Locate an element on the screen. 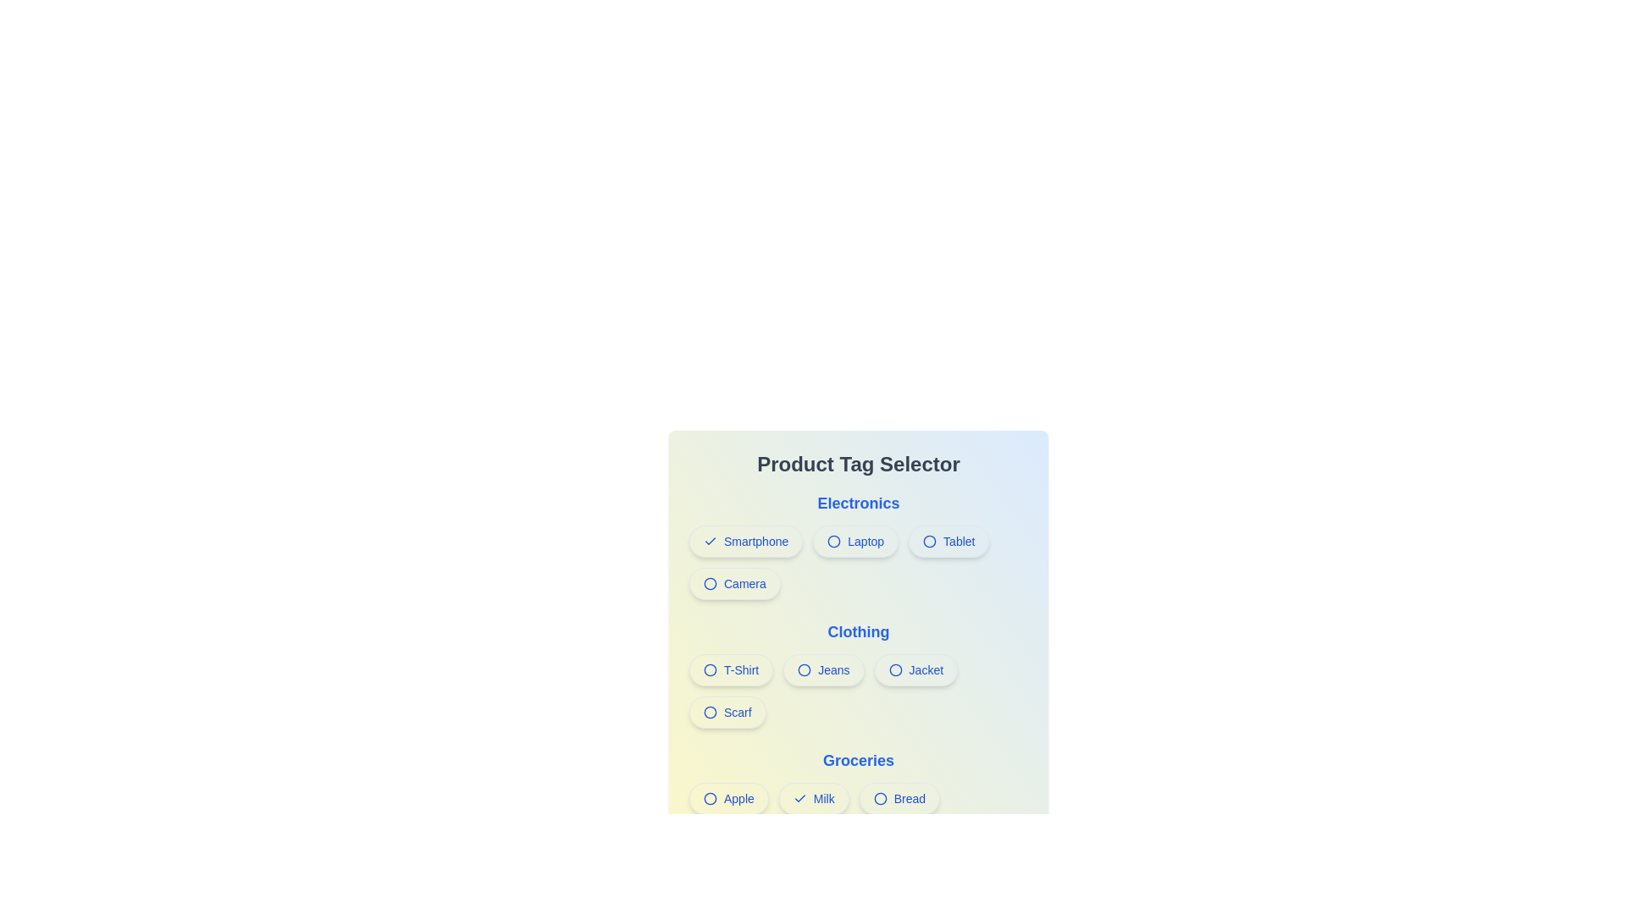 The image size is (1626, 914). the first selectable tag button in the 'Groceries' section is located at coordinates (728, 799).